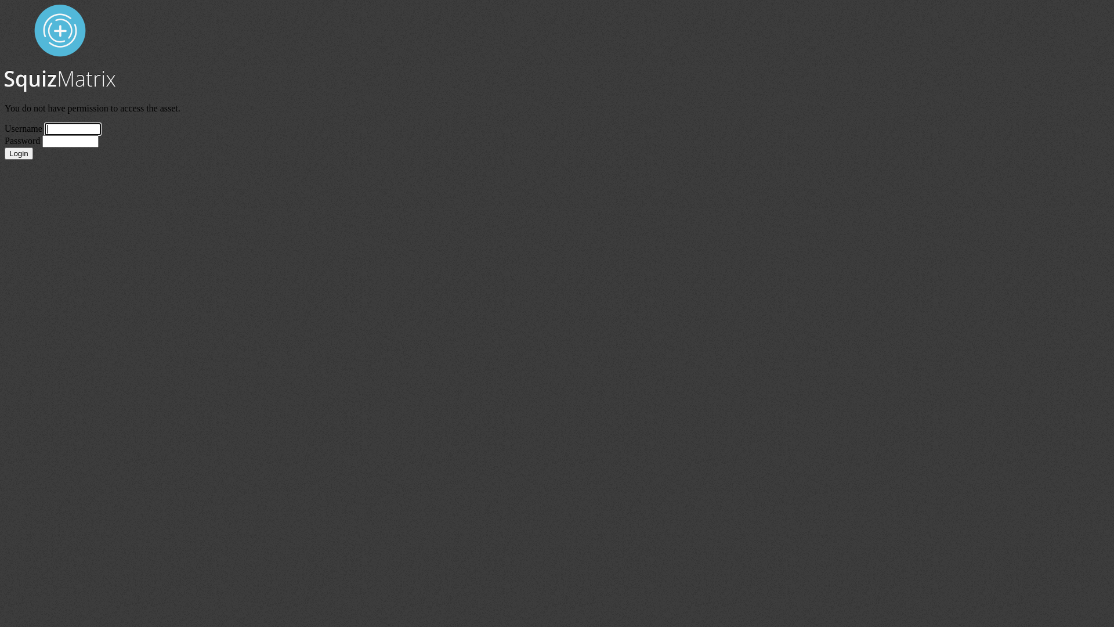 The width and height of the screenshot is (1114, 627). What do you see at coordinates (5, 153) in the screenshot?
I see `'Login'` at bounding box center [5, 153].